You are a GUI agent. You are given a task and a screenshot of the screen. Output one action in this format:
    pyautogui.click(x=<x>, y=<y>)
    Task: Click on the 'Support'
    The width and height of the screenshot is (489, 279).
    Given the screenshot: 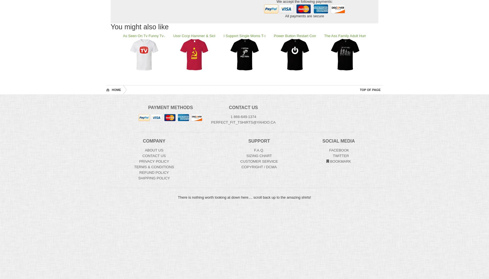 What is the action you would take?
    pyautogui.click(x=258, y=141)
    